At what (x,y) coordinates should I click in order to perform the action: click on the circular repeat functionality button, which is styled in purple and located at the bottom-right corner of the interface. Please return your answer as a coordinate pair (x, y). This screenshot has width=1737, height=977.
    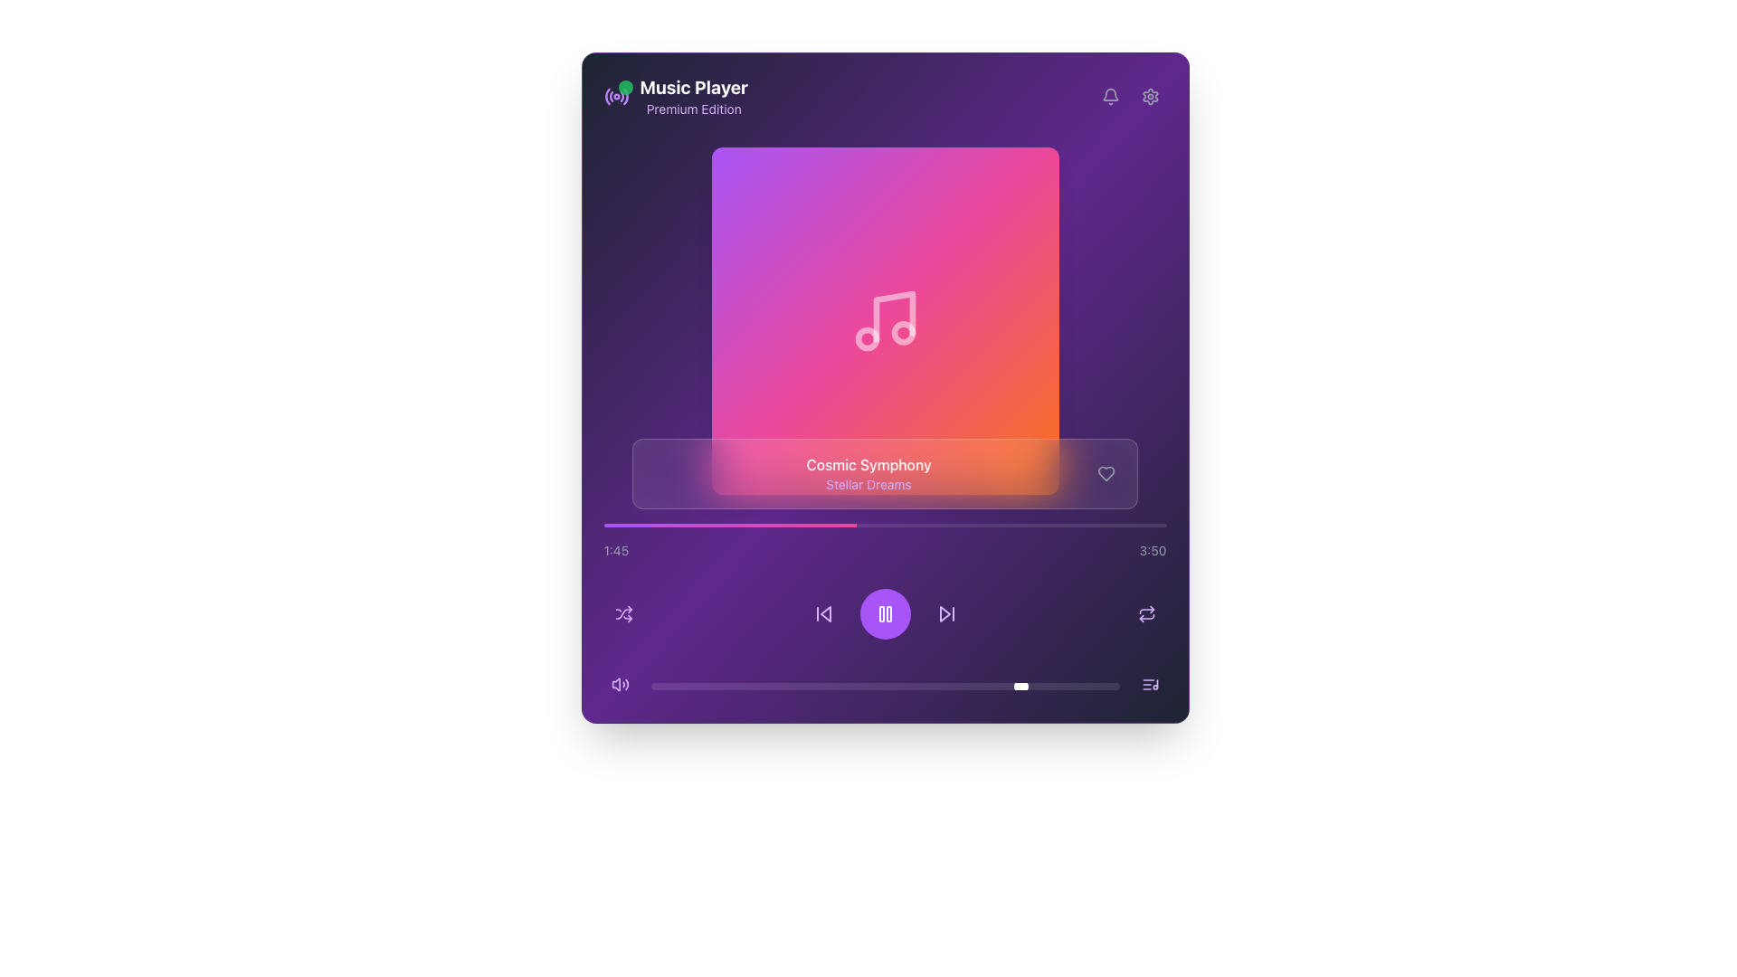
    Looking at the image, I should click on (1145, 612).